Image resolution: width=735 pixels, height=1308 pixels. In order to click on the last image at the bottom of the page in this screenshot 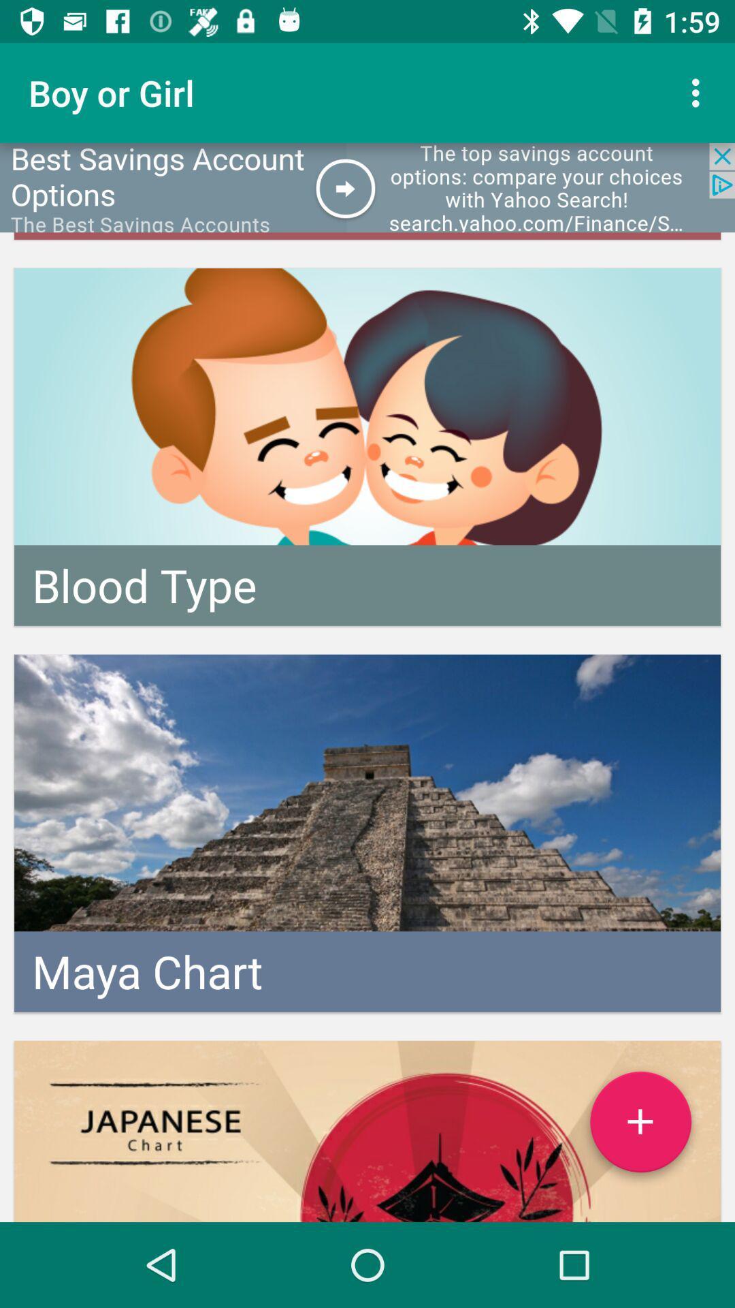, I will do `click(367, 1131)`.